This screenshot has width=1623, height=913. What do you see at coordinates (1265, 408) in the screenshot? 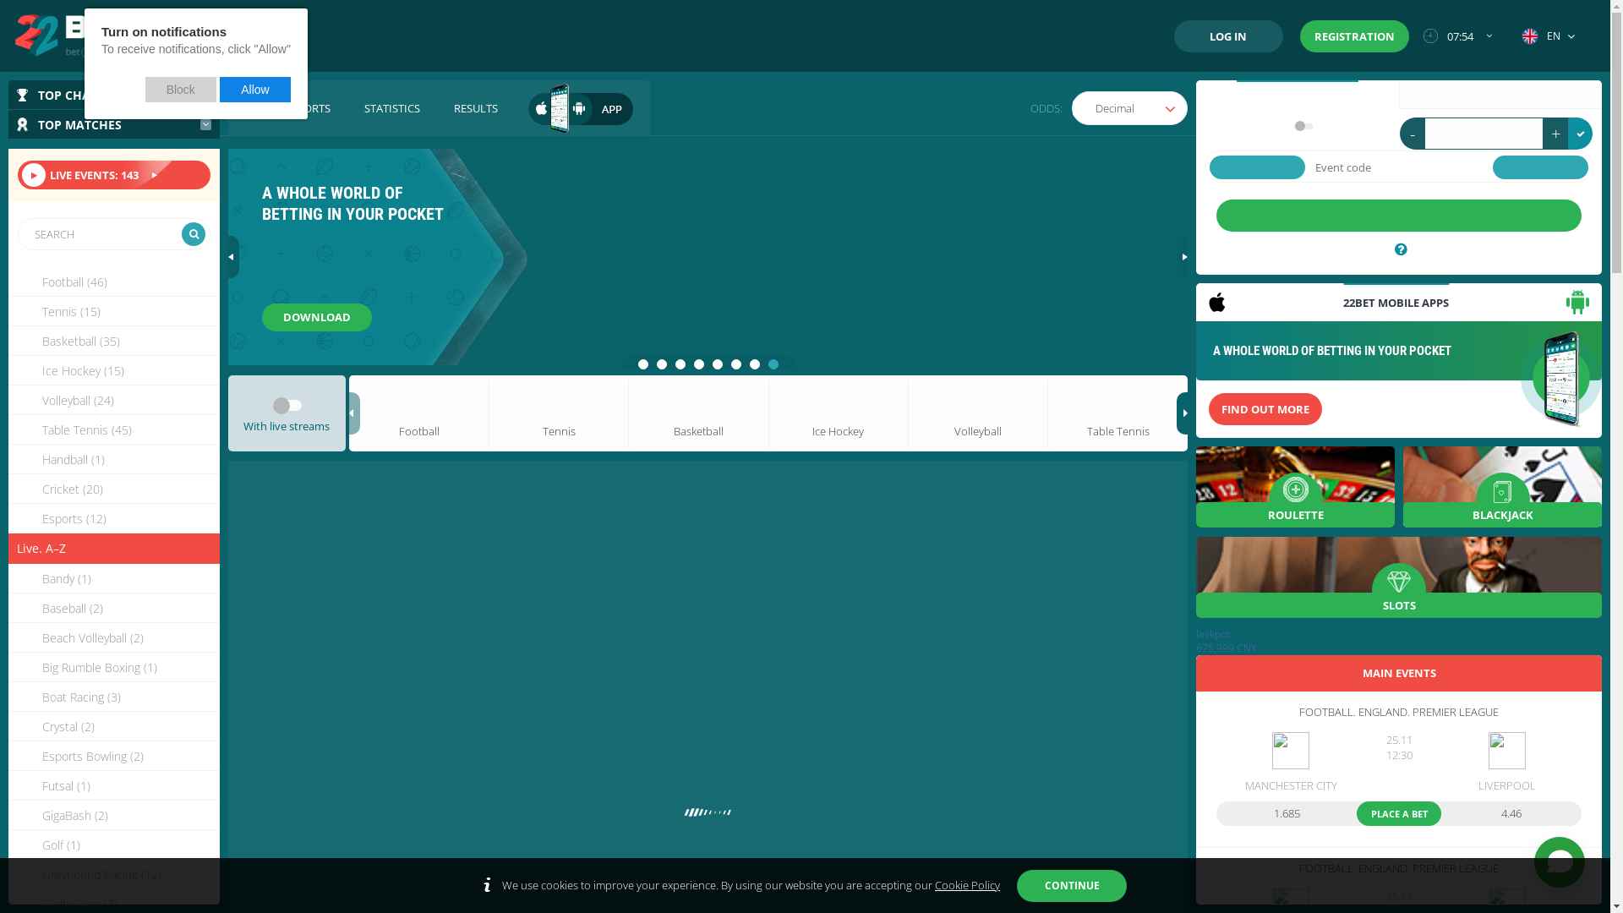
I see `'FIND OUT MORE'` at bounding box center [1265, 408].